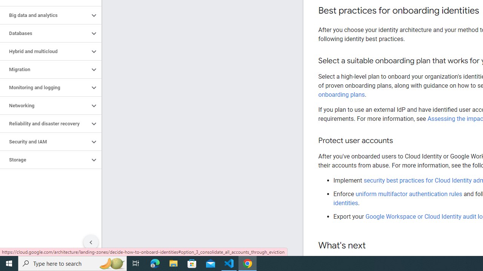  What do you see at coordinates (91, 242) in the screenshot?
I see `'Hide side navigation'` at bounding box center [91, 242].